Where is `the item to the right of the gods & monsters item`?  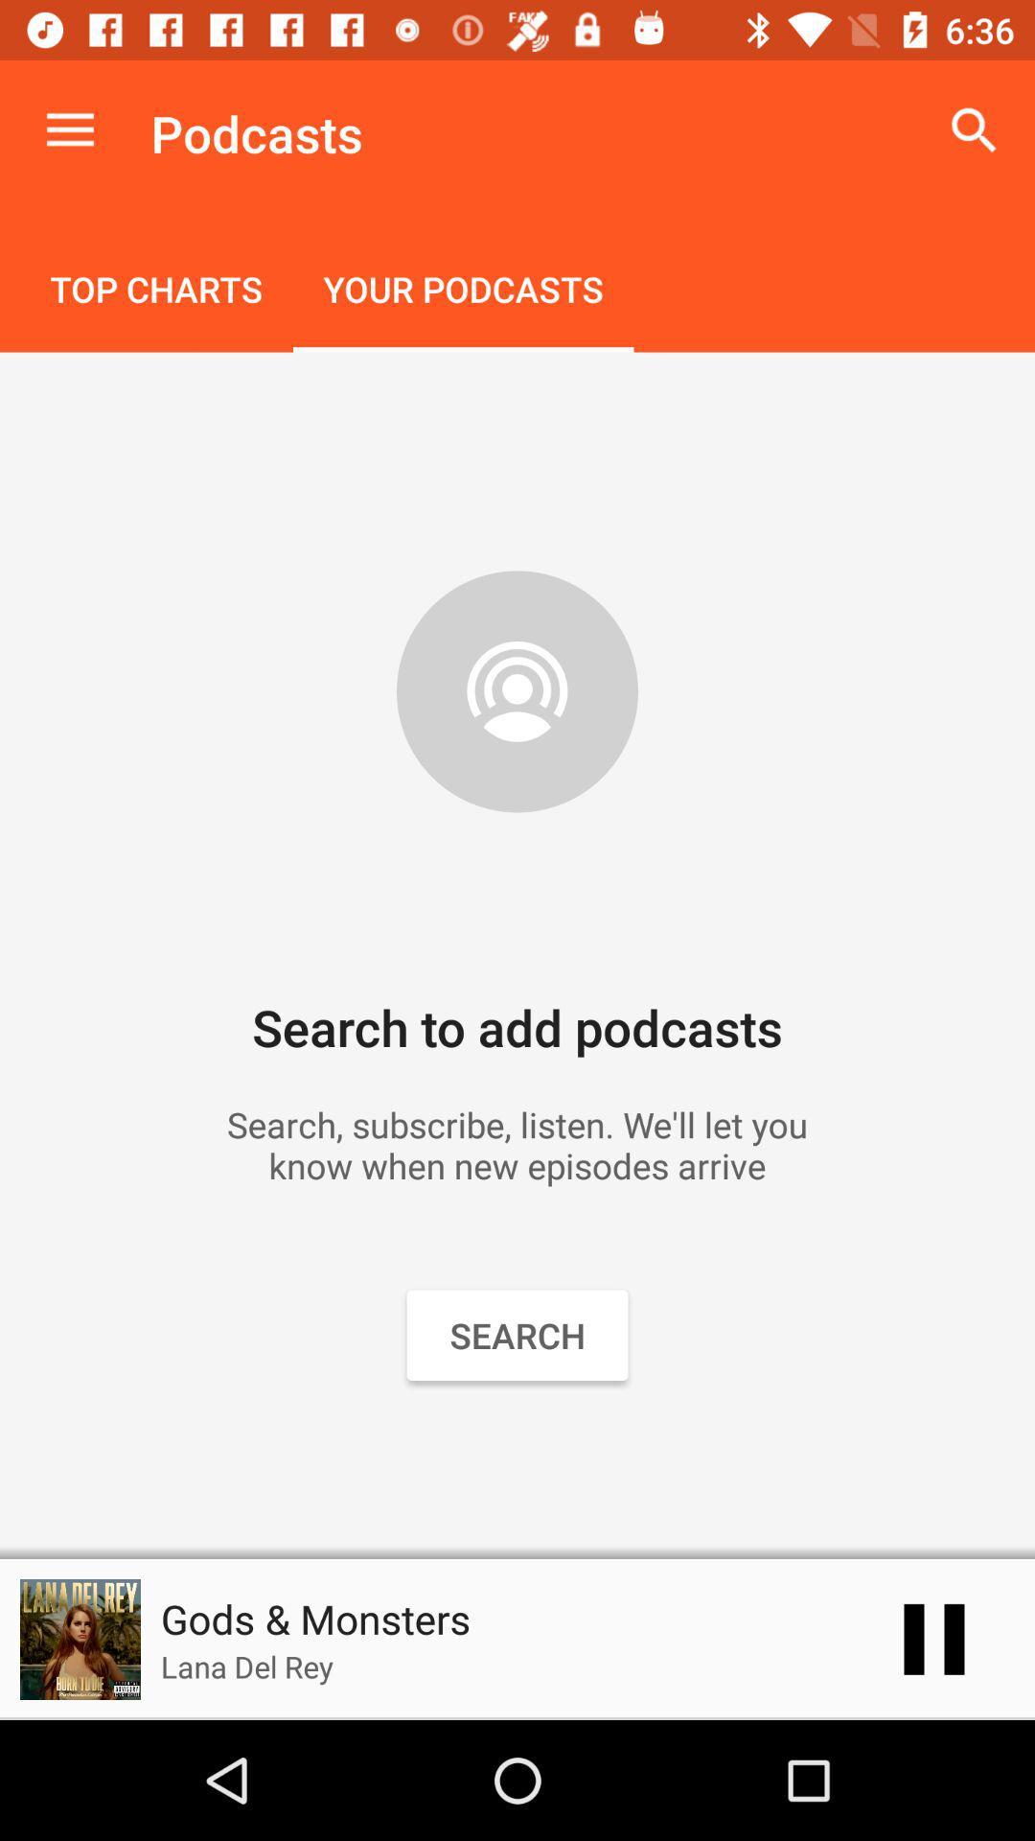
the item to the right of the gods & monsters item is located at coordinates (933, 1638).